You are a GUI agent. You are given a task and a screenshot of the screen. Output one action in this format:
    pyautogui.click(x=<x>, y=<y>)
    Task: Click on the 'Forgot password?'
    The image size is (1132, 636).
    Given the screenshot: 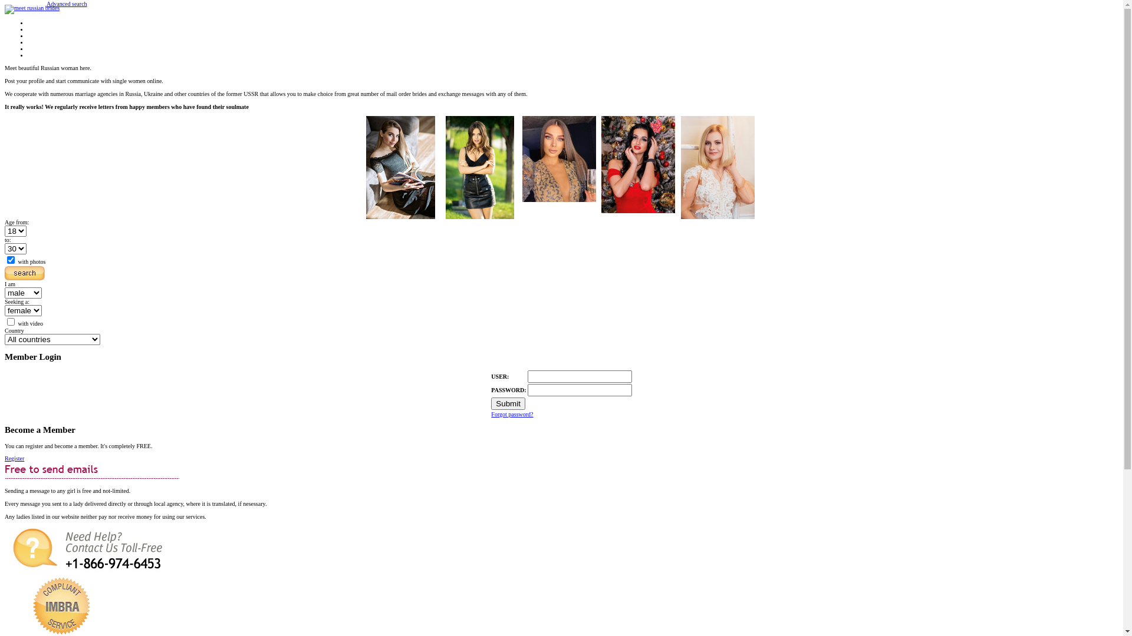 What is the action you would take?
    pyautogui.click(x=491, y=413)
    